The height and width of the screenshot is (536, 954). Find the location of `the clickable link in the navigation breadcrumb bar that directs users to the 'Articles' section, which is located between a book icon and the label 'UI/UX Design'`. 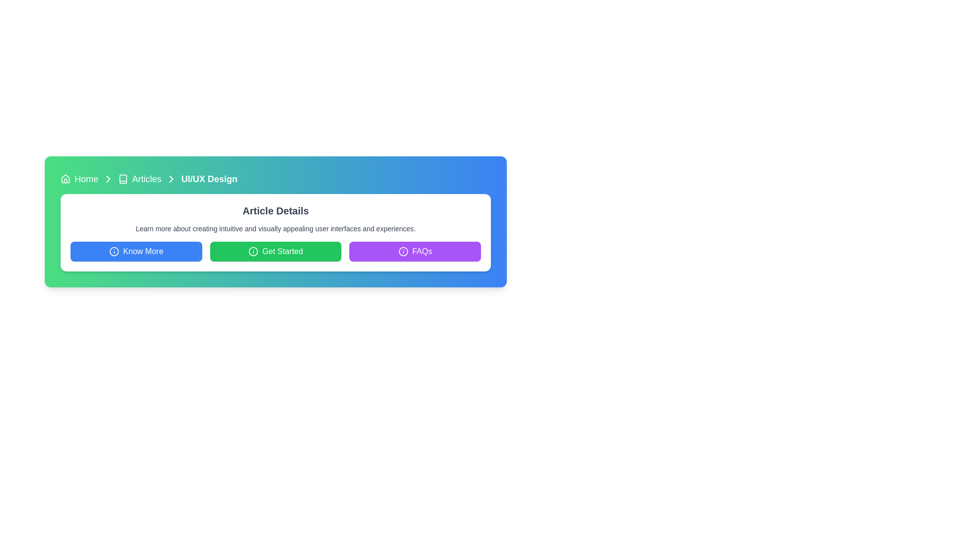

the clickable link in the navigation breadcrumb bar that directs users to the 'Articles' section, which is located between a book icon and the label 'UI/UX Design' is located at coordinates (146, 179).